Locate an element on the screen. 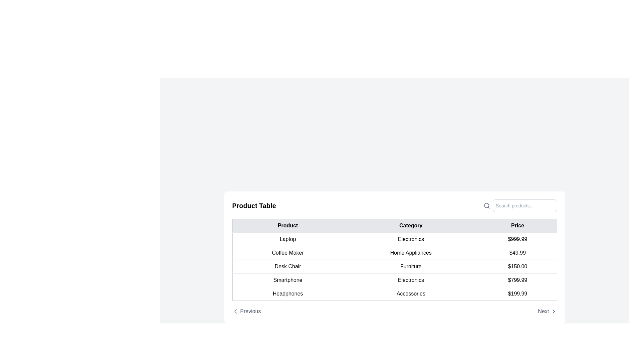 The width and height of the screenshot is (639, 359). the visual indicator icon located to the left of the 'Previous' text in the bottom-left corner of the table interface, which functions is located at coordinates (235, 311).